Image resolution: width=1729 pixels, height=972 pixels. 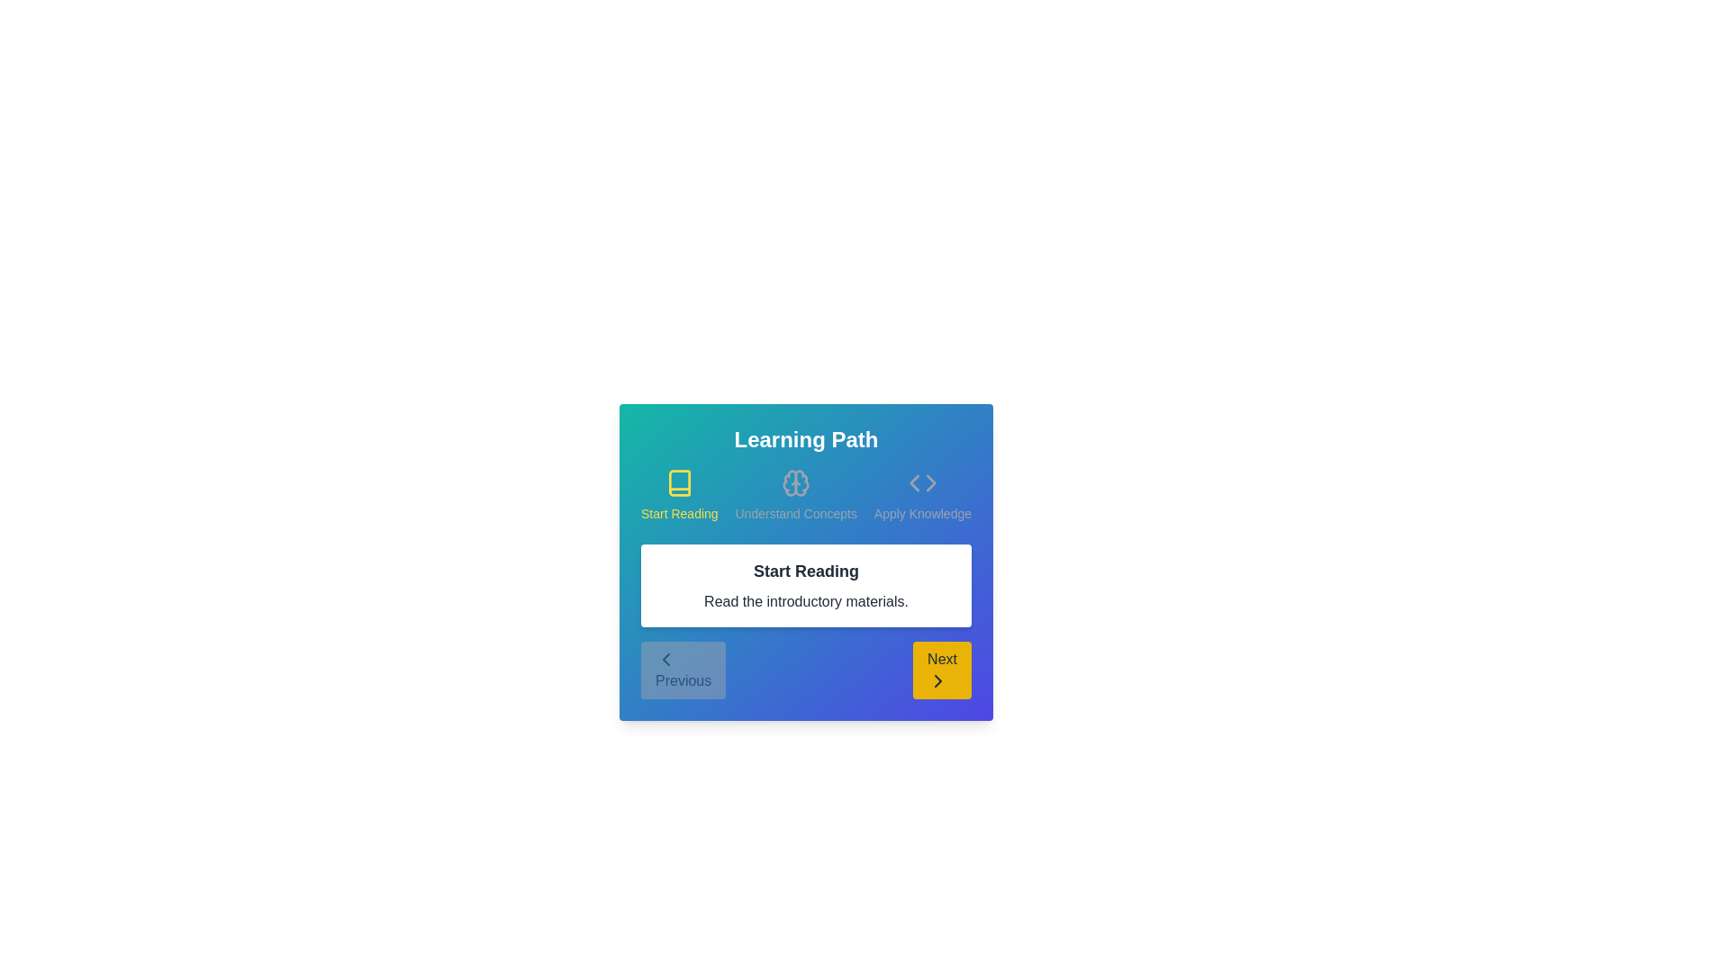 I want to click on the icon representing the step Apply Knowledge, so click(x=922, y=481).